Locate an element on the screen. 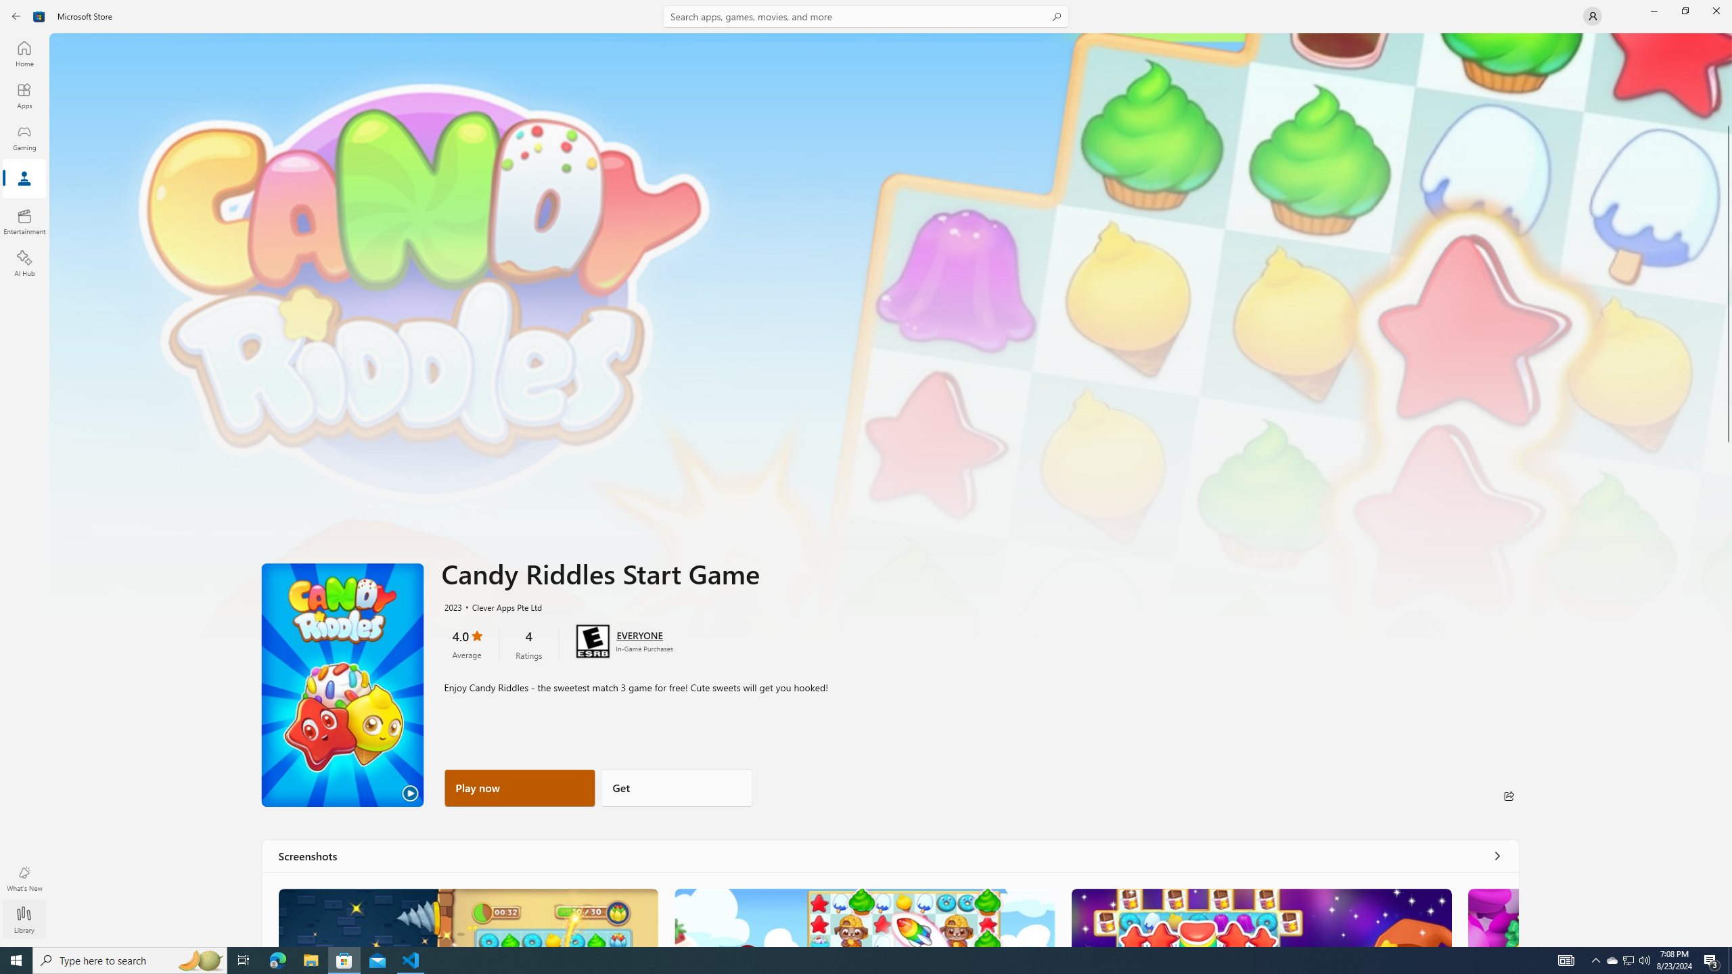 The width and height of the screenshot is (1732, 974). 'Arcade' is located at coordinates (23, 221).